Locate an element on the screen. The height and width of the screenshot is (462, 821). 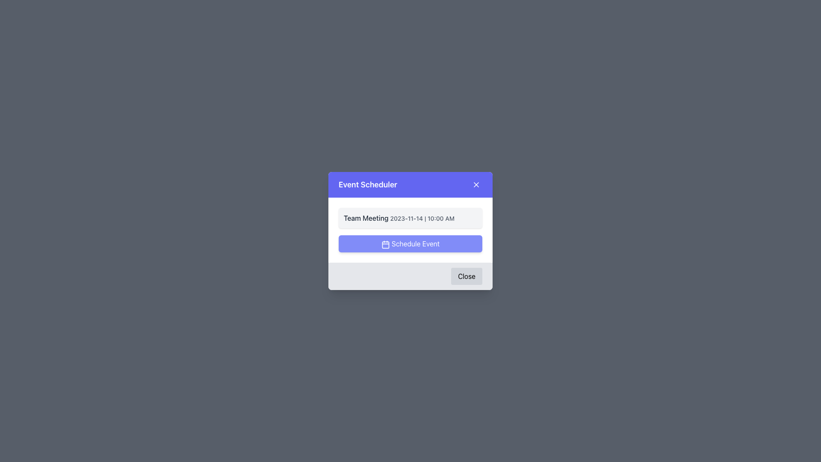
the text label displaying '2023-11-14 | 10:00 AM' in gray color, located in the 'Event Scheduler' modal below the 'Team Meeting' label is located at coordinates (422, 218).